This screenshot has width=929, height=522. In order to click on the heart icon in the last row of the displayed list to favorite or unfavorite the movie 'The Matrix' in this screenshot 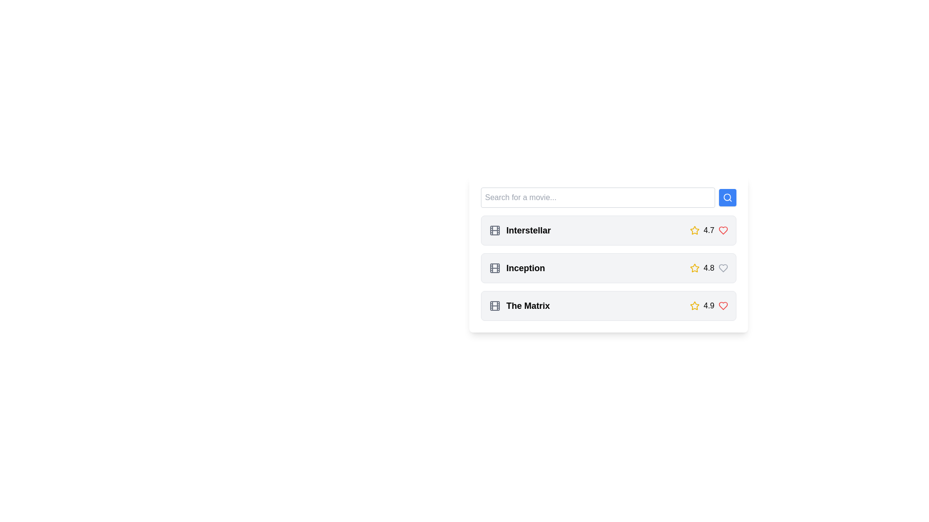, I will do `click(723, 305)`.